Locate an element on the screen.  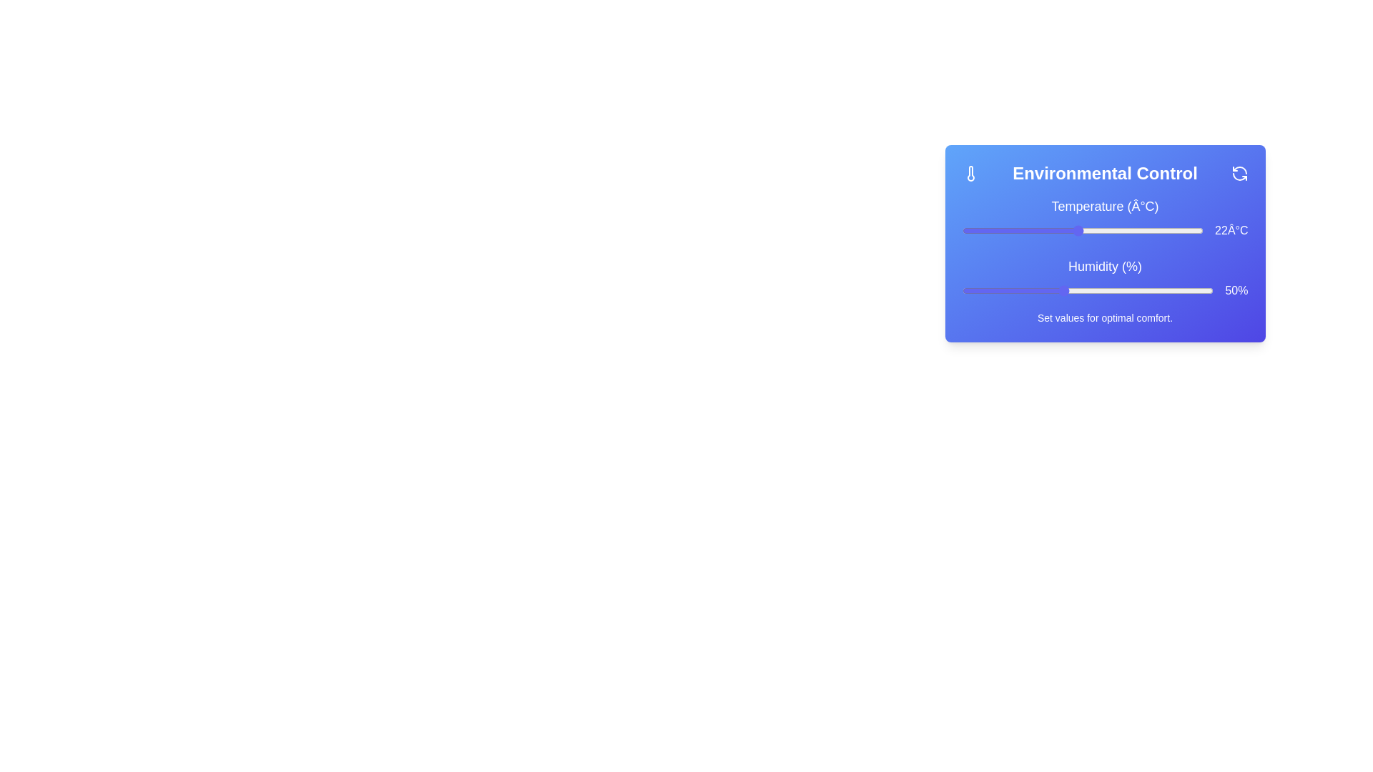
the humidity slider to set the humidity to 30% is located at coordinates (962, 290).